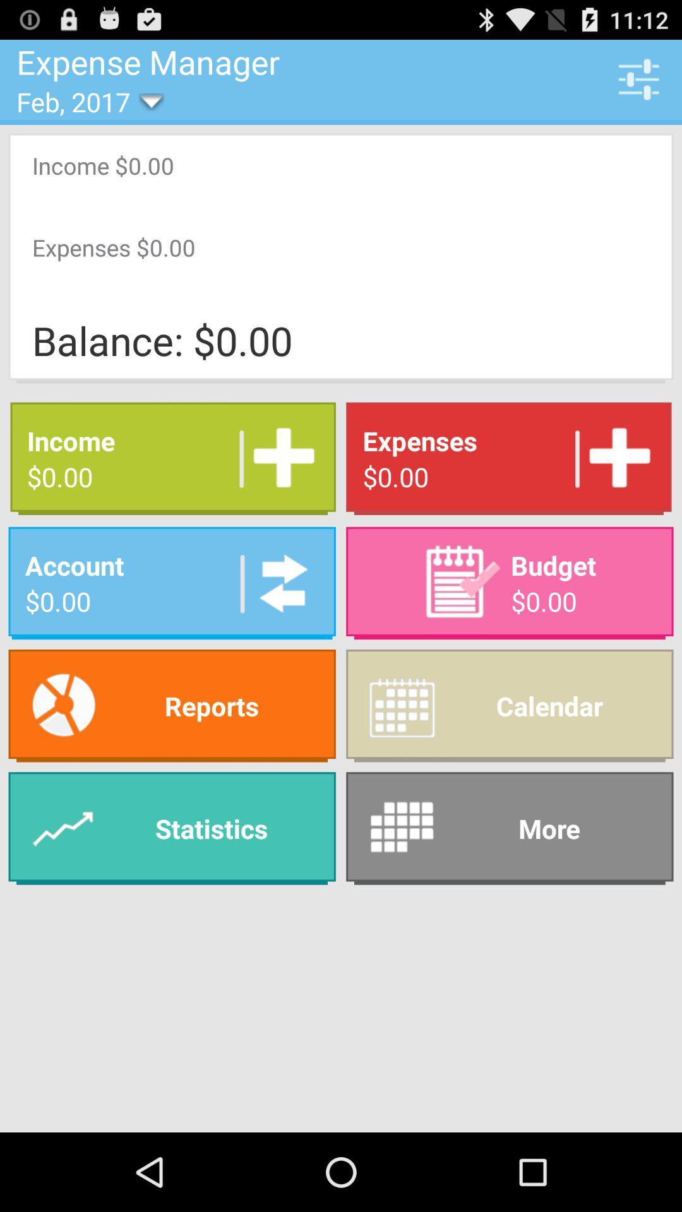  I want to click on expand, so click(278, 458).